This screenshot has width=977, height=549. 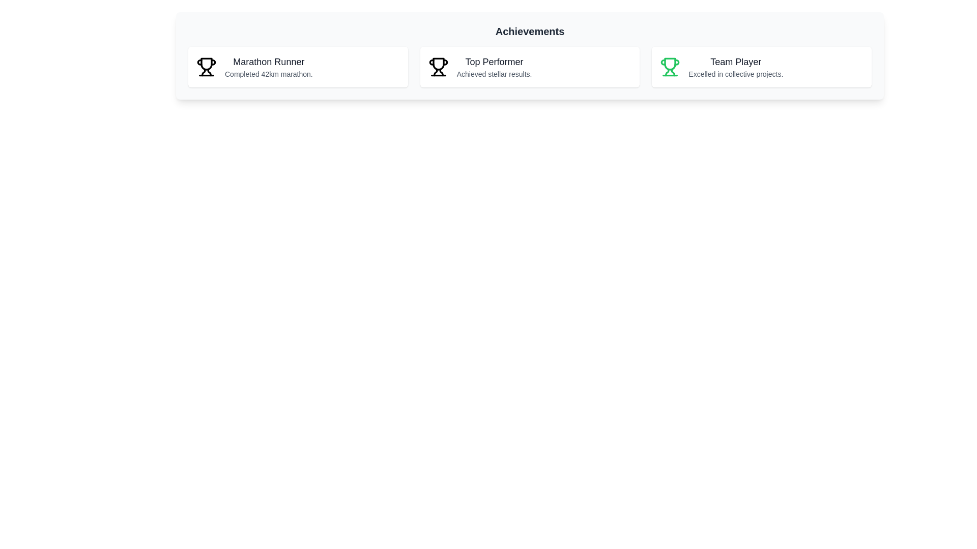 What do you see at coordinates (736, 67) in the screenshot?
I see `the text block containing the title 'Team Player' and subtitle 'Excelled in collective projects.' which is positioned to the right of the green trophy icon in the 'Achievements' section` at bounding box center [736, 67].